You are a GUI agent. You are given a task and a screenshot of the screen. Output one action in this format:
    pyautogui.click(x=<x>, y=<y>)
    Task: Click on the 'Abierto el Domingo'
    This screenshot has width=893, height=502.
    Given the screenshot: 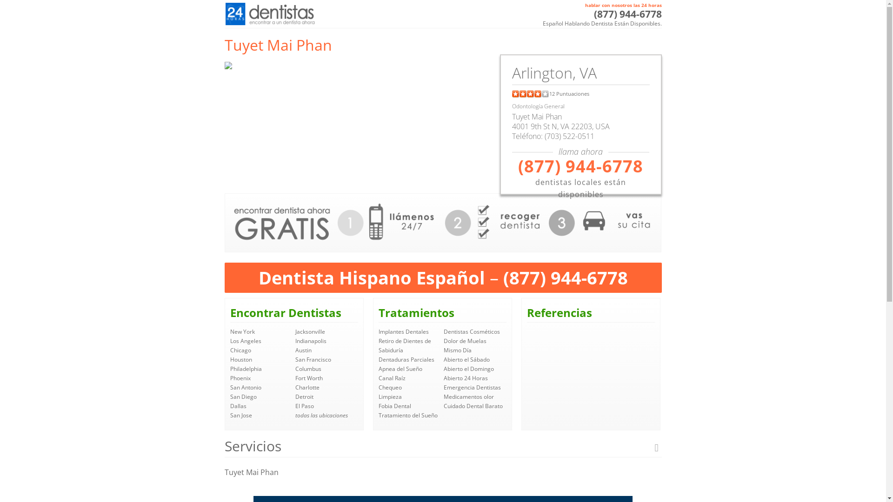 What is the action you would take?
    pyautogui.click(x=469, y=368)
    